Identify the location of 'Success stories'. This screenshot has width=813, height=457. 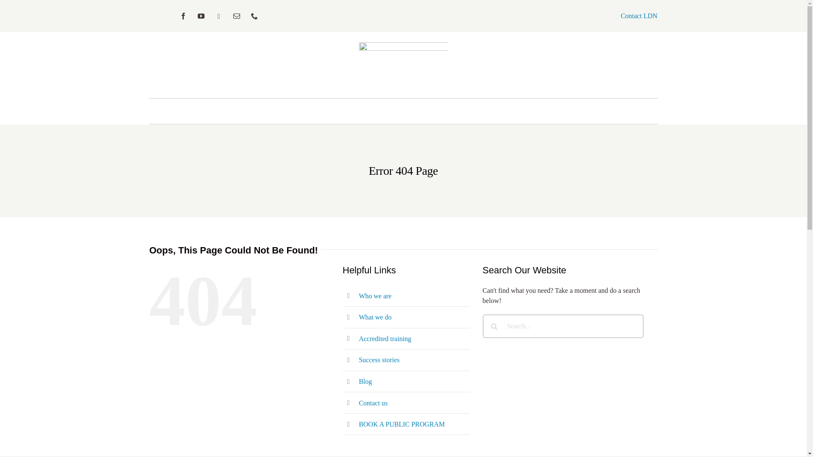
(378, 360).